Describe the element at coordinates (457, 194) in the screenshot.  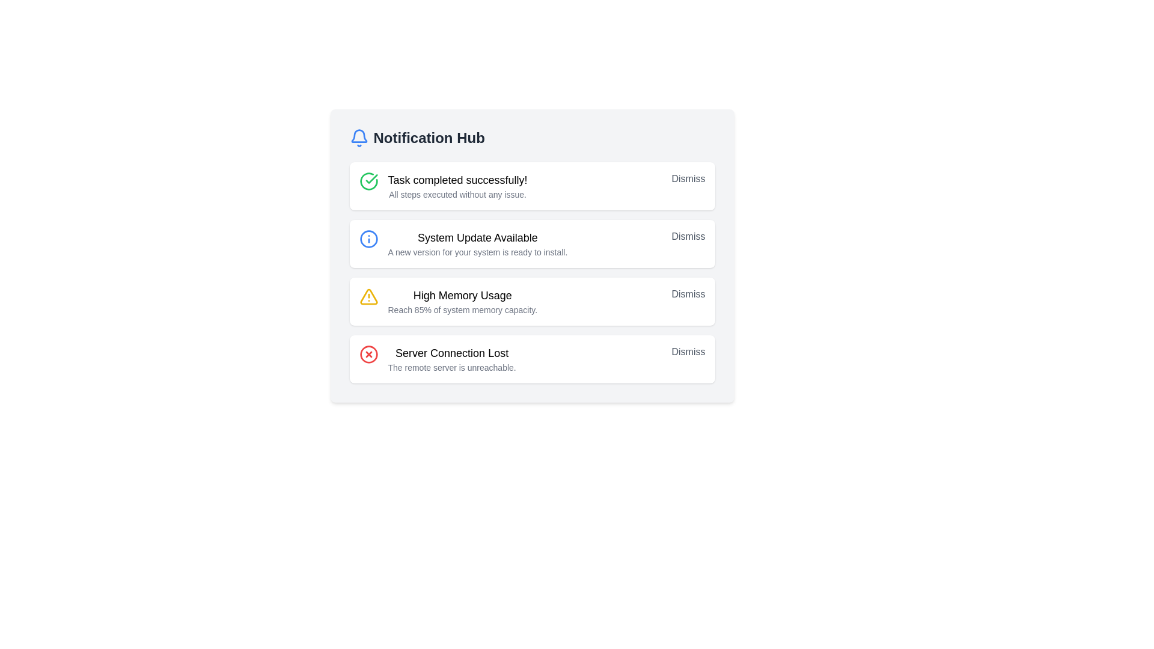
I see `the static text label that reads 'All steps executed without any issue.' located under the title 'Task completed successfully!' in the Notification Hub interface` at that location.